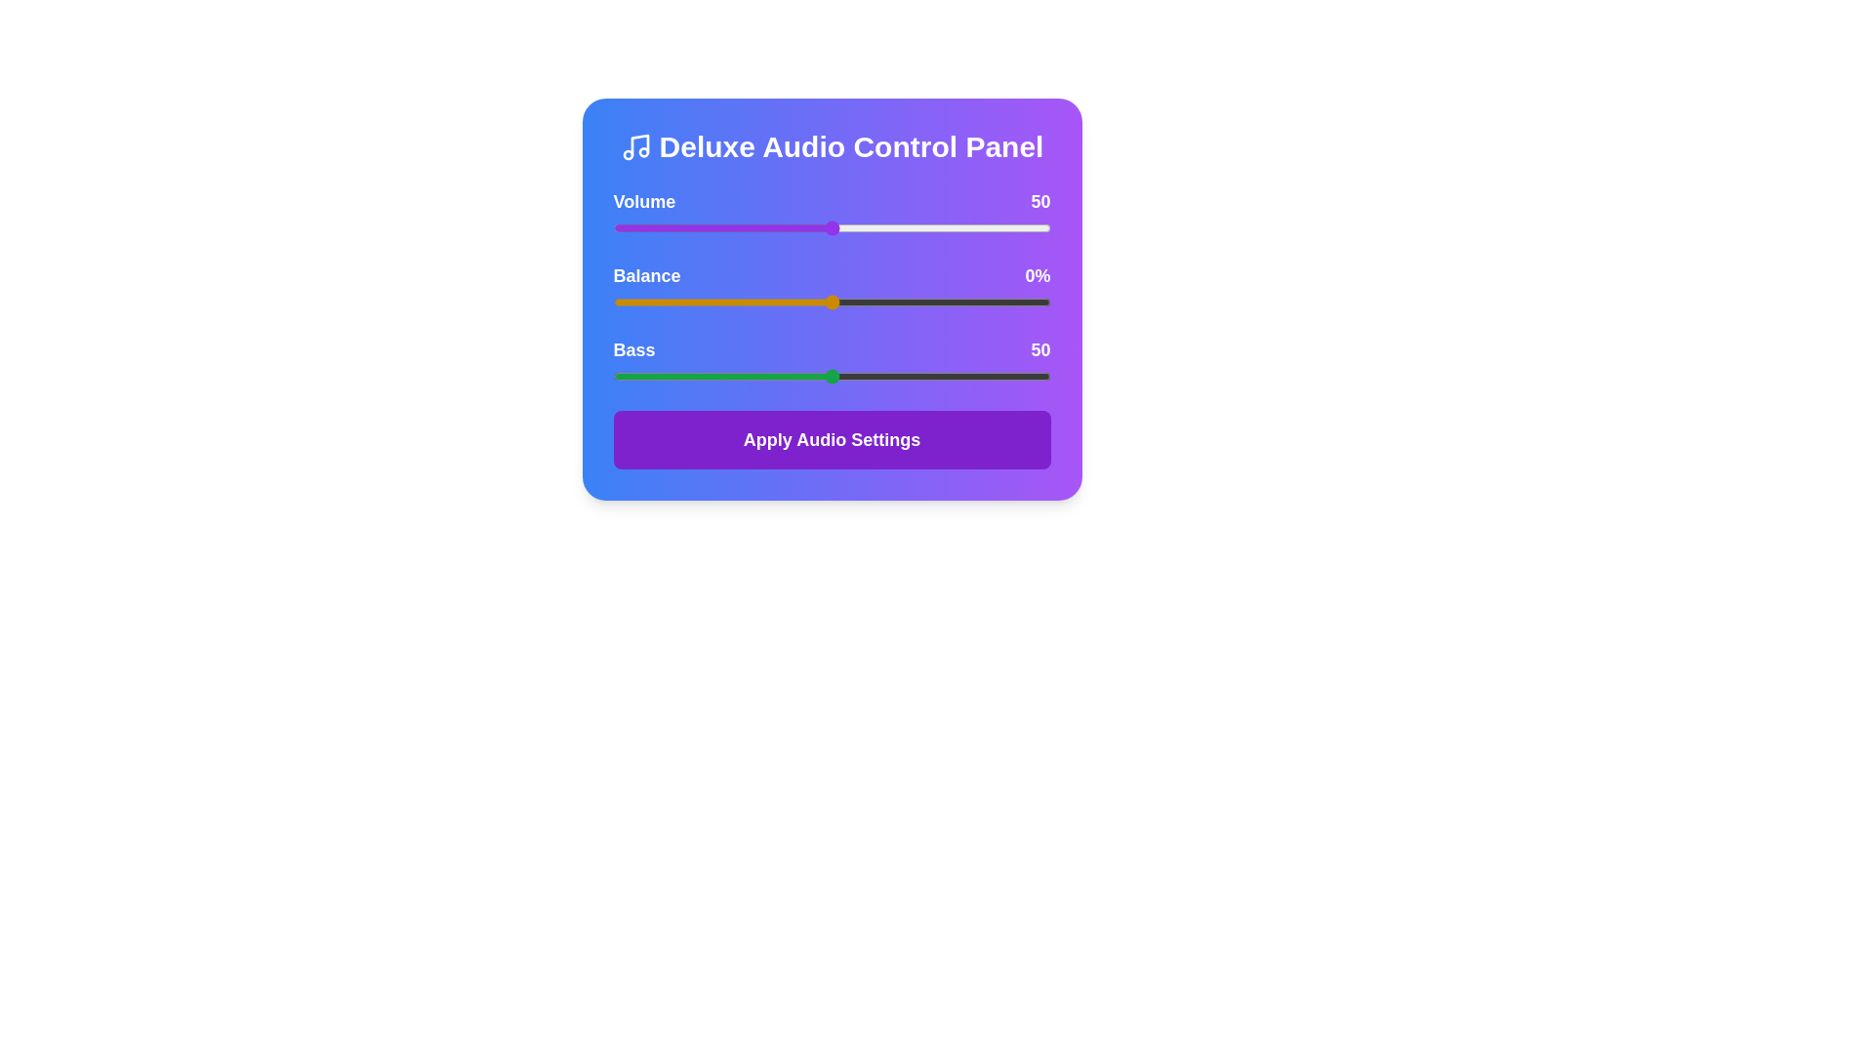 The width and height of the screenshot is (1874, 1054). Describe the element at coordinates (832, 300) in the screenshot. I see `the sliders inside the 'Deluxe Audio Control Panel' box` at that location.